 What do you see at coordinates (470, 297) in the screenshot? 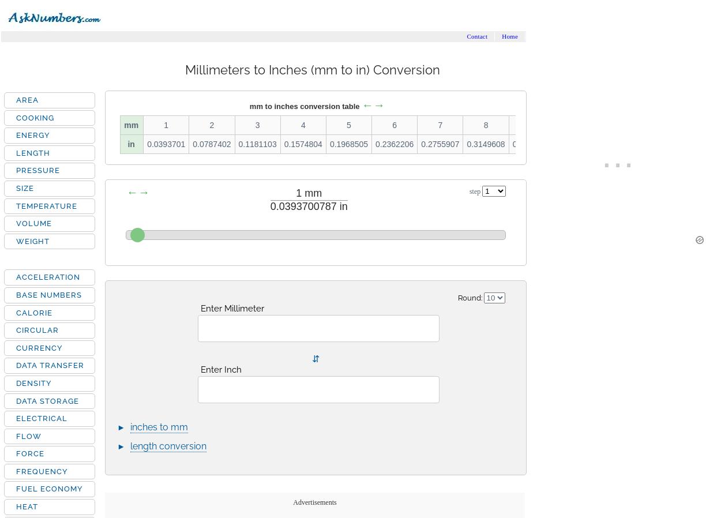
I see `'Round:'` at bounding box center [470, 297].